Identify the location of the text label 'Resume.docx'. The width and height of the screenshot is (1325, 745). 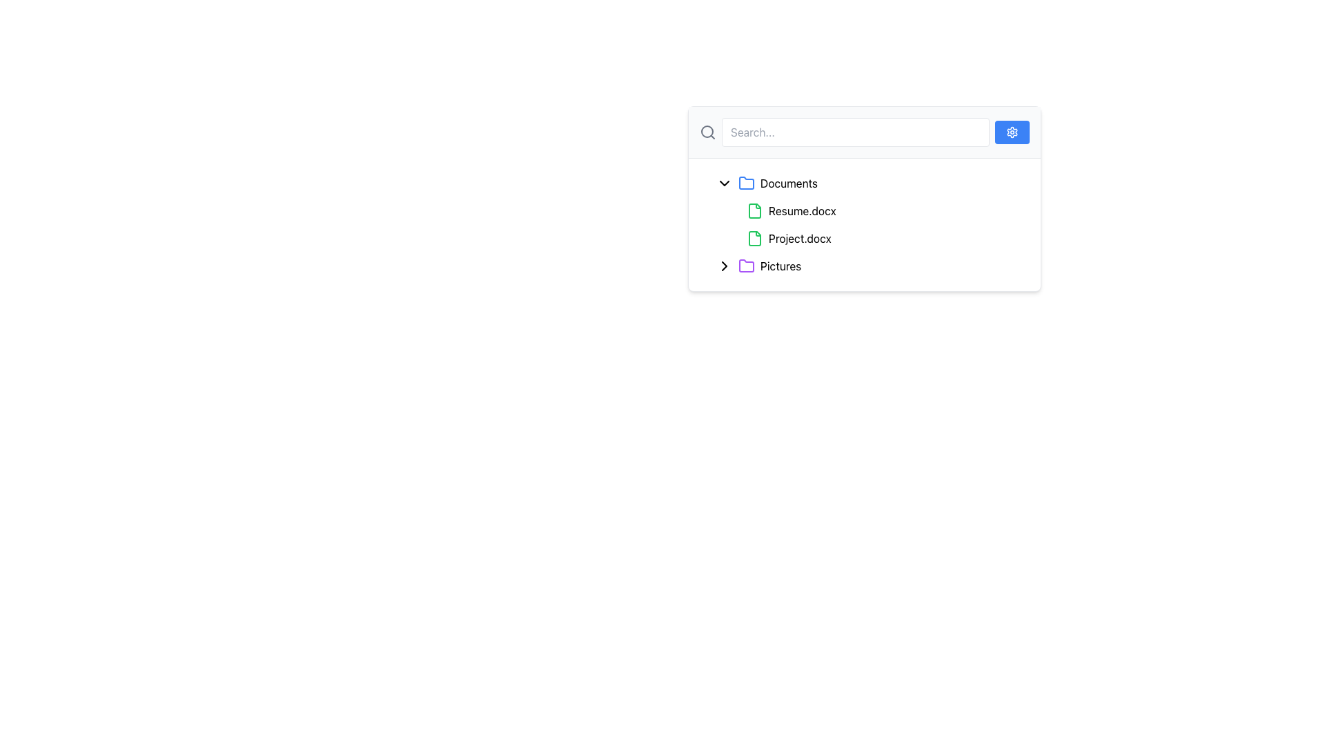
(802, 210).